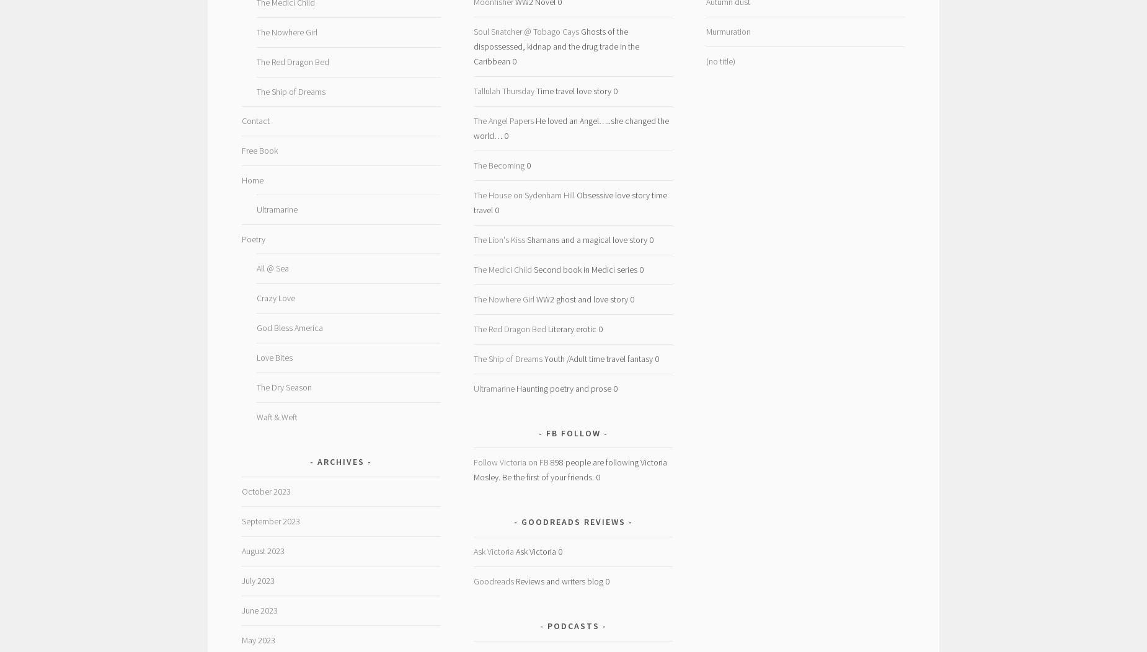 The height and width of the screenshot is (652, 1147). I want to click on 'June 2023', so click(258, 610).